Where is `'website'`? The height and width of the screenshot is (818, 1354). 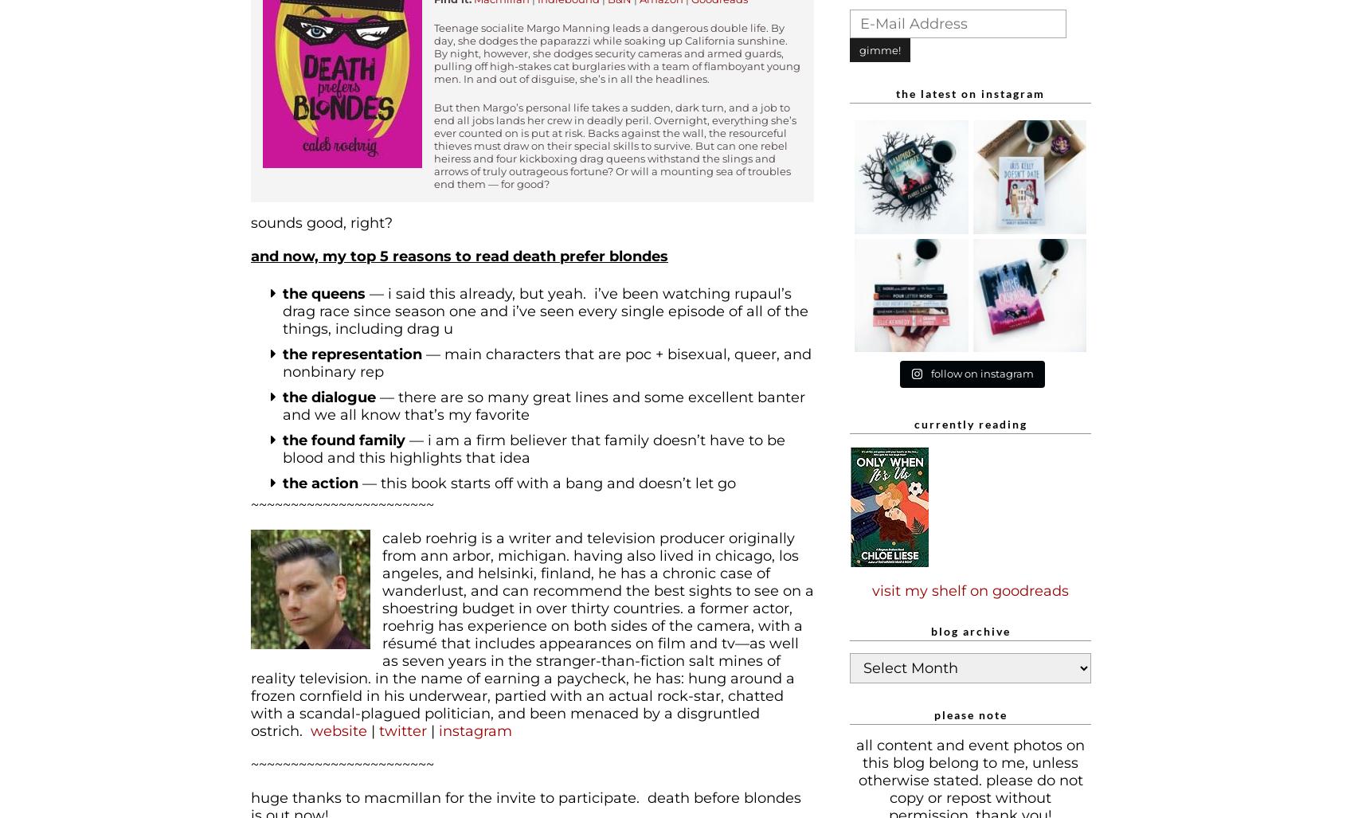 'website' is located at coordinates (338, 730).